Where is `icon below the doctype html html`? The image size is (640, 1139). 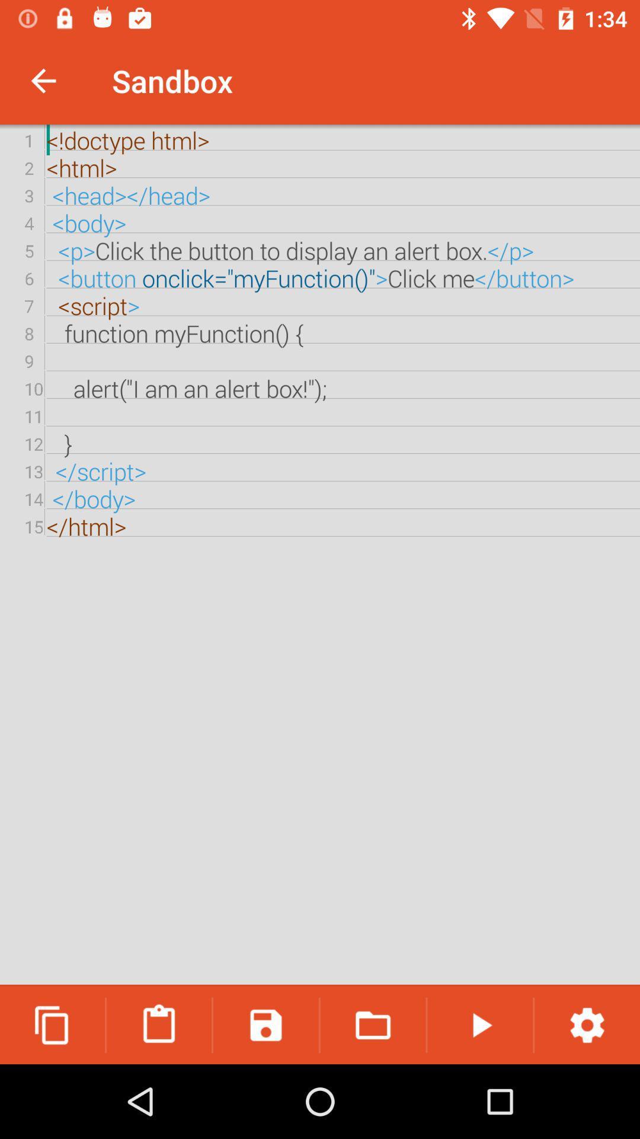 icon below the doctype html html is located at coordinates (480, 1025).